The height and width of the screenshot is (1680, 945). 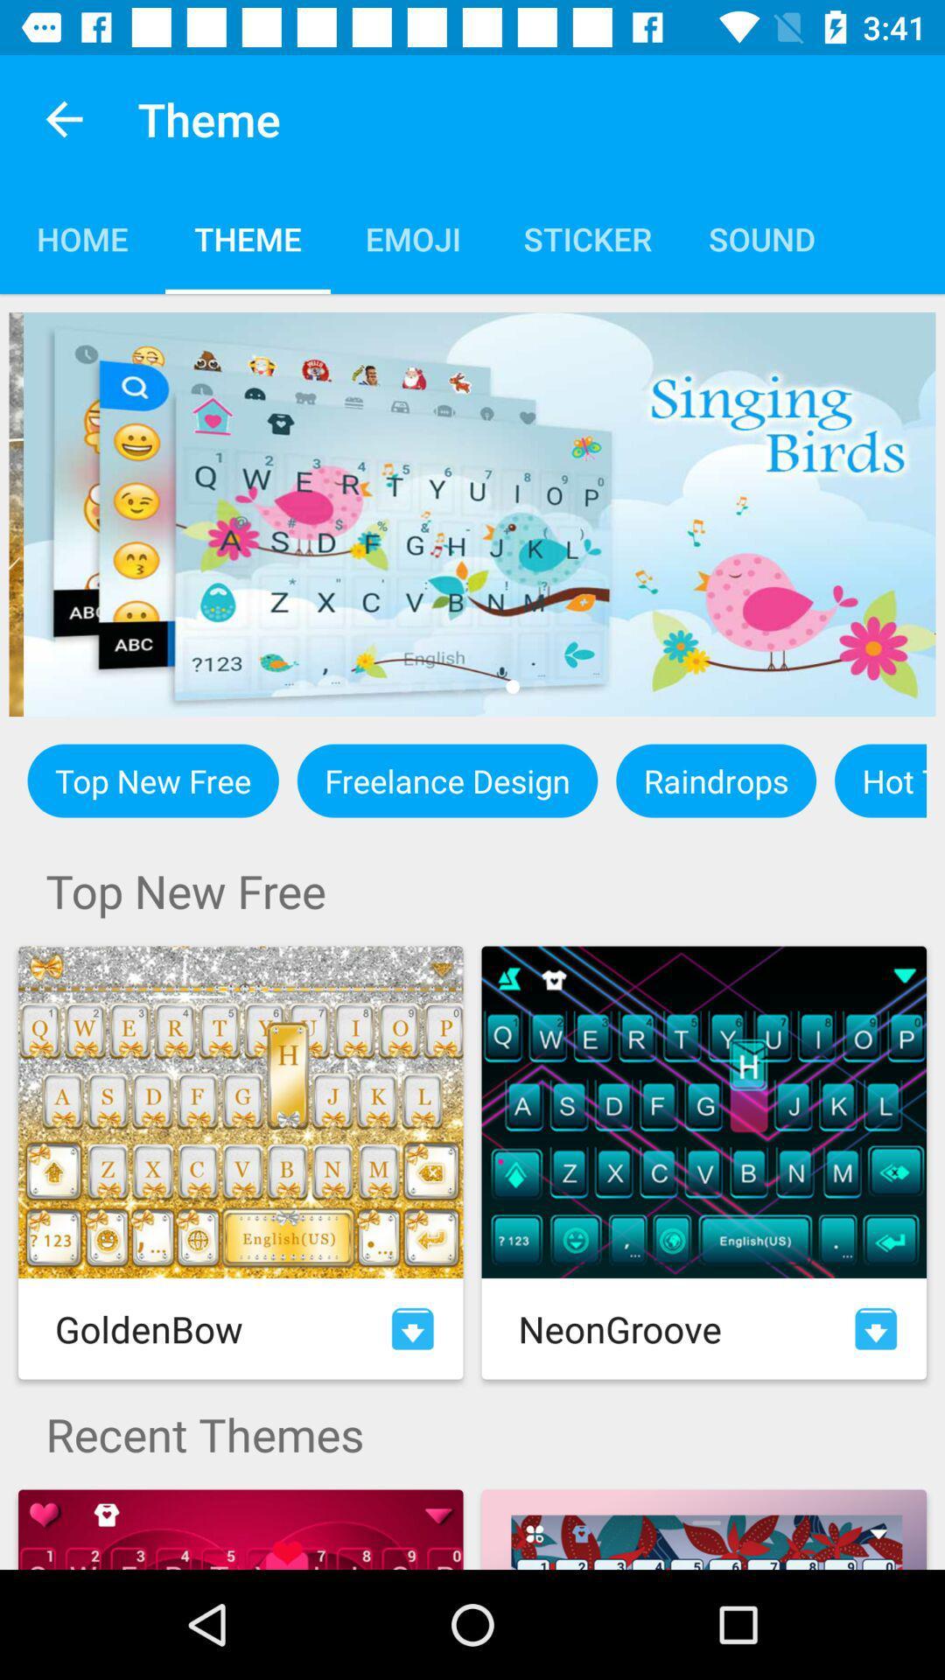 I want to click on download goldenbow, so click(x=412, y=1328).